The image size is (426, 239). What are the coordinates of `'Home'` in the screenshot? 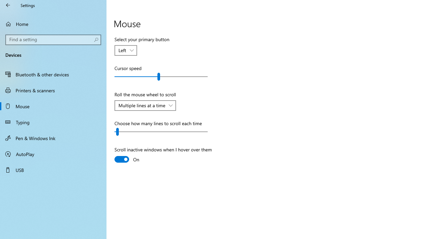 It's located at (53, 24).